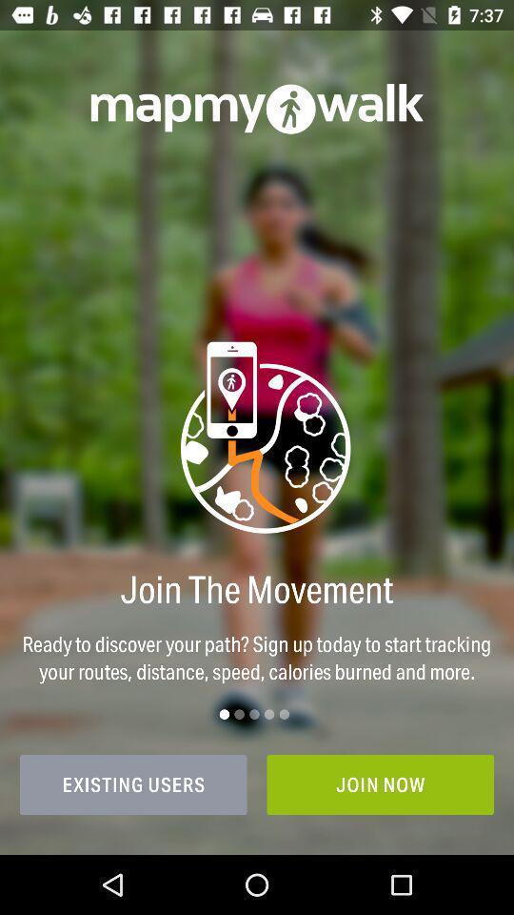 The width and height of the screenshot is (514, 915). I want to click on item at the bottom right corner, so click(380, 784).